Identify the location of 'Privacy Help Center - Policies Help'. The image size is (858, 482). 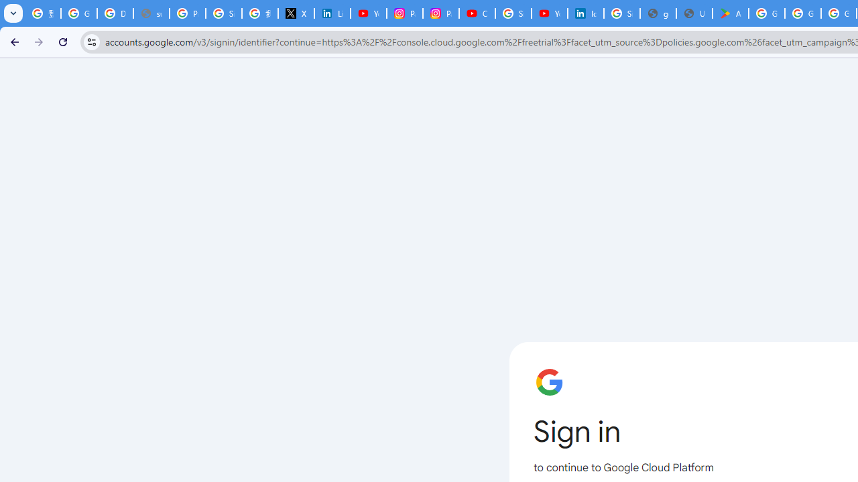
(187, 13).